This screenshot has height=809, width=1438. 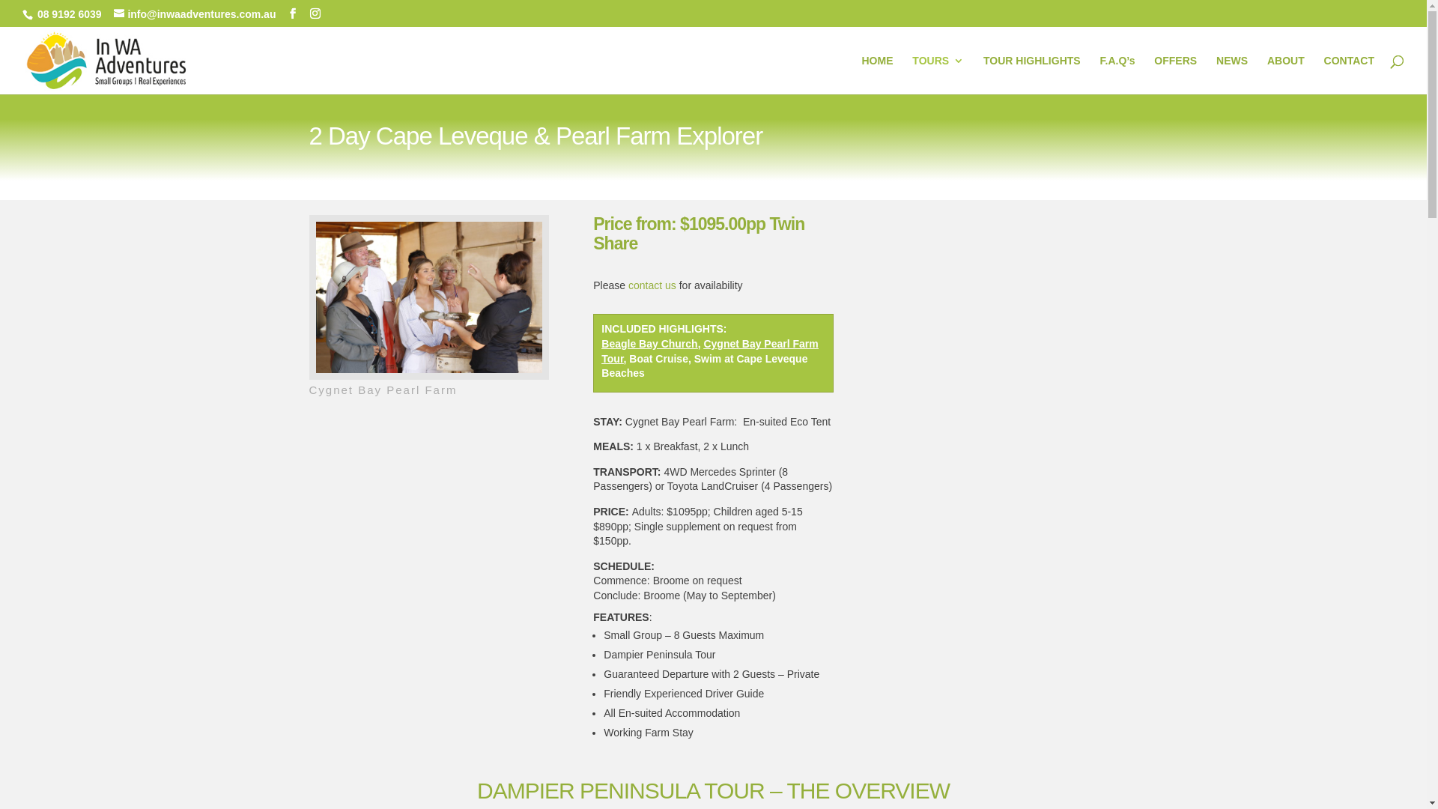 I want to click on 'TOURS', so click(x=937, y=75).